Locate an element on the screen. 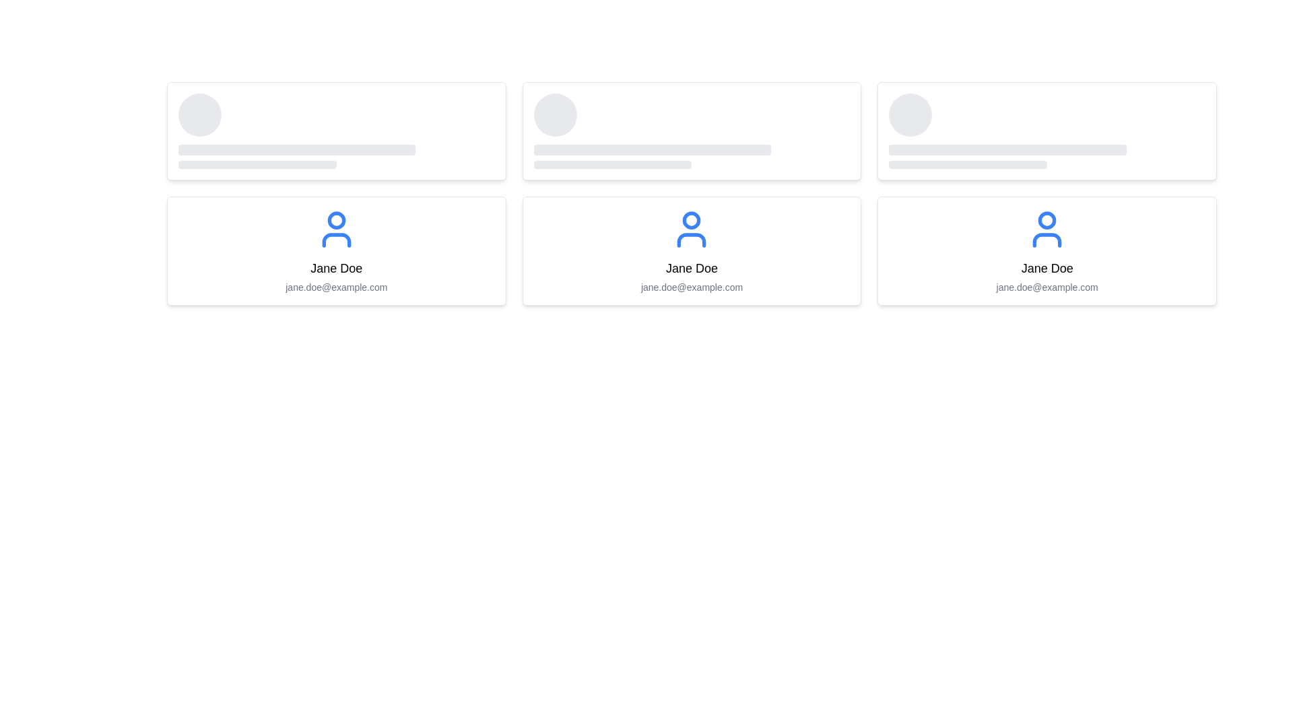  the User Profile Card that is centrally aligned on a white card with rounded corners and shadows, which is the third card from the left in a horizontally-aligned grid of four cards is located at coordinates (692, 251).